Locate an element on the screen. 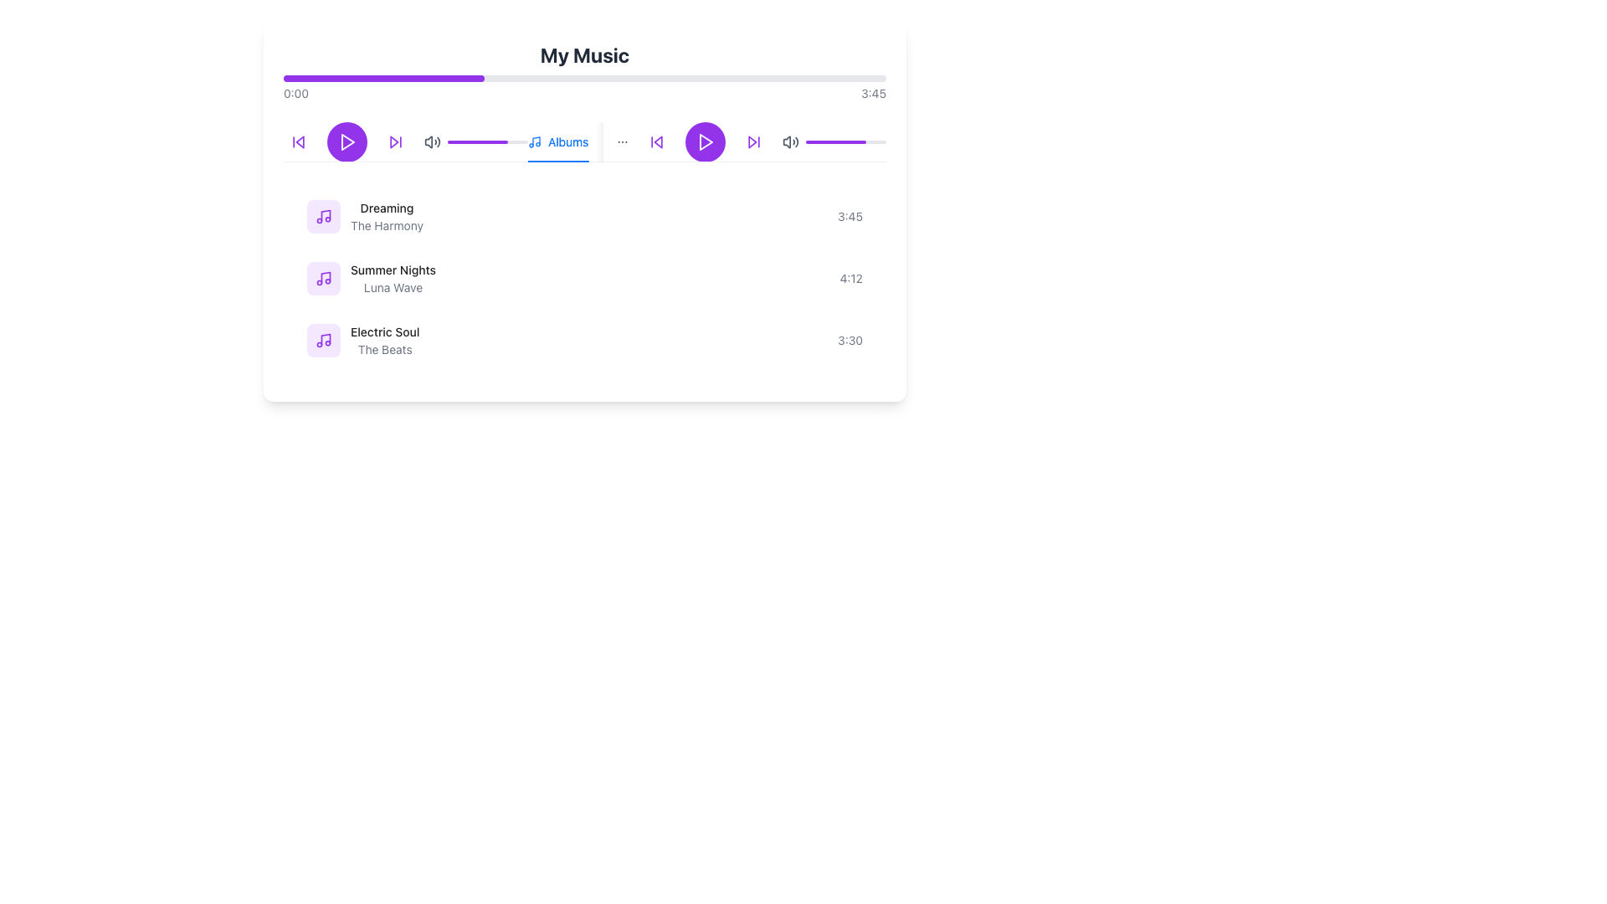 The width and height of the screenshot is (1607, 904). text element styled in a smaller gray font, reading '4:12', located in the second row of the song list, far right aligned with 'Summer Nights' and 'Luna Wave' is located at coordinates (851, 277).